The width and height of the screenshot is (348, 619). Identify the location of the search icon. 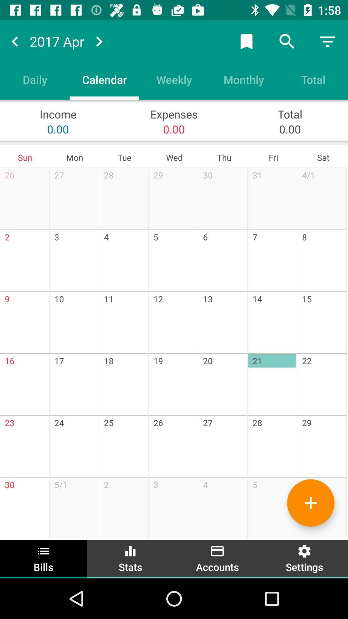
(287, 41).